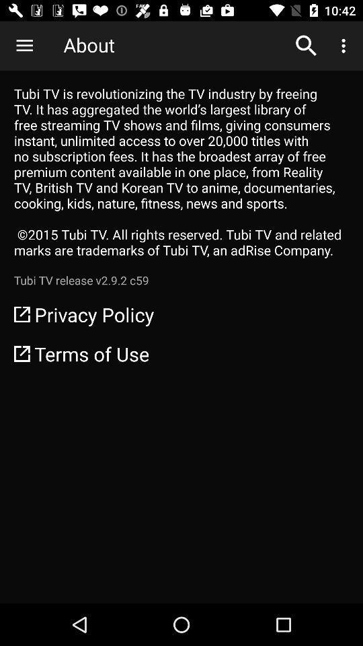 The width and height of the screenshot is (363, 646). I want to click on icon above tubi tv is icon, so click(345, 46).